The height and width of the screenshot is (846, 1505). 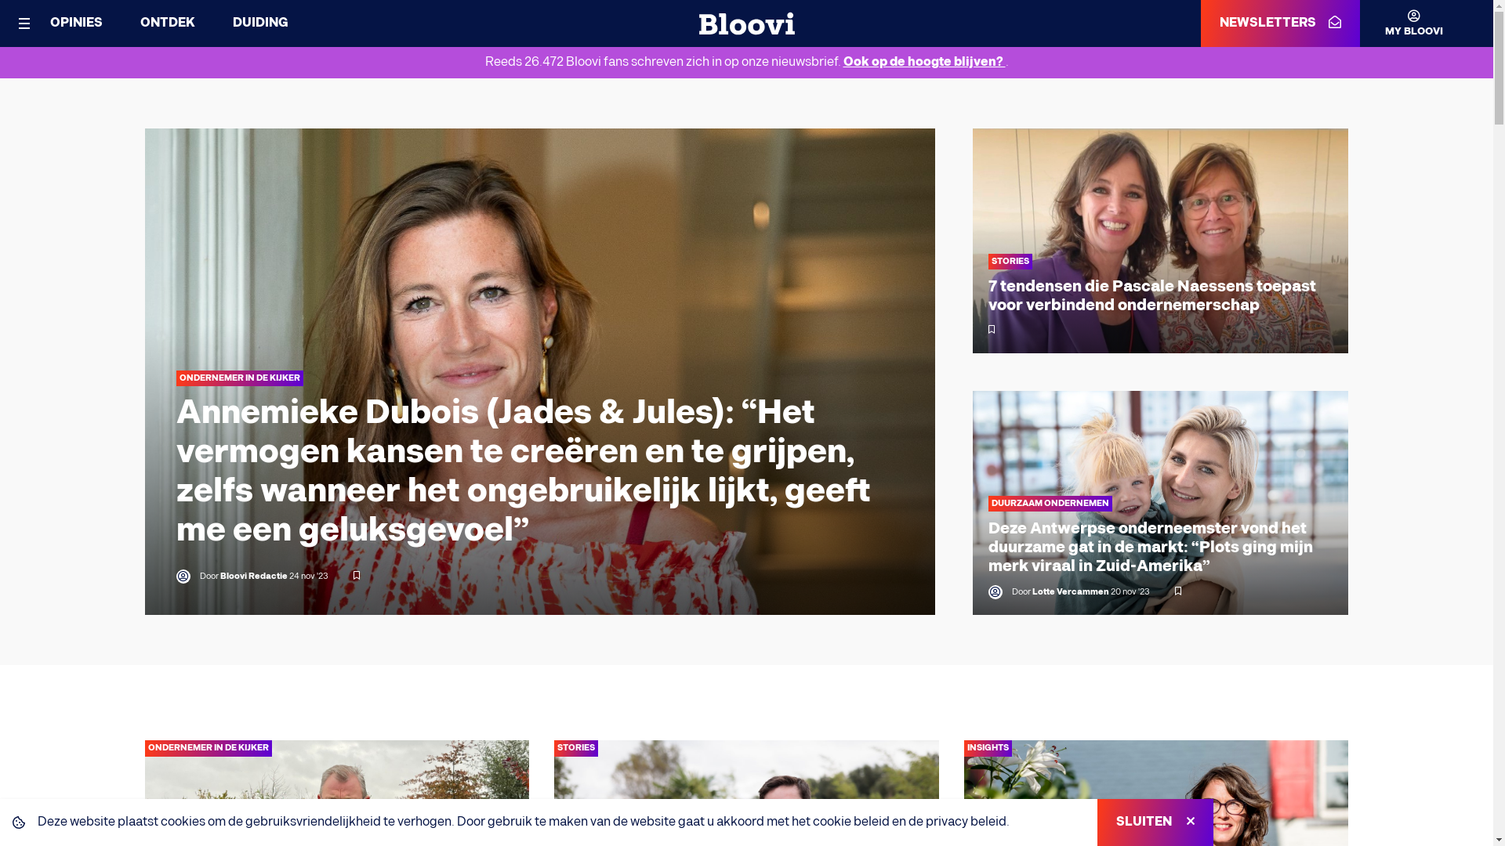 What do you see at coordinates (965, 821) in the screenshot?
I see `'privacy beleid'` at bounding box center [965, 821].